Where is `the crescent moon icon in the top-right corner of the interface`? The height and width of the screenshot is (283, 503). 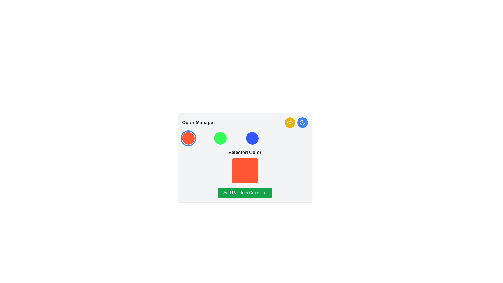
the crescent moon icon in the top-right corner of the interface is located at coordinates (303, 122).